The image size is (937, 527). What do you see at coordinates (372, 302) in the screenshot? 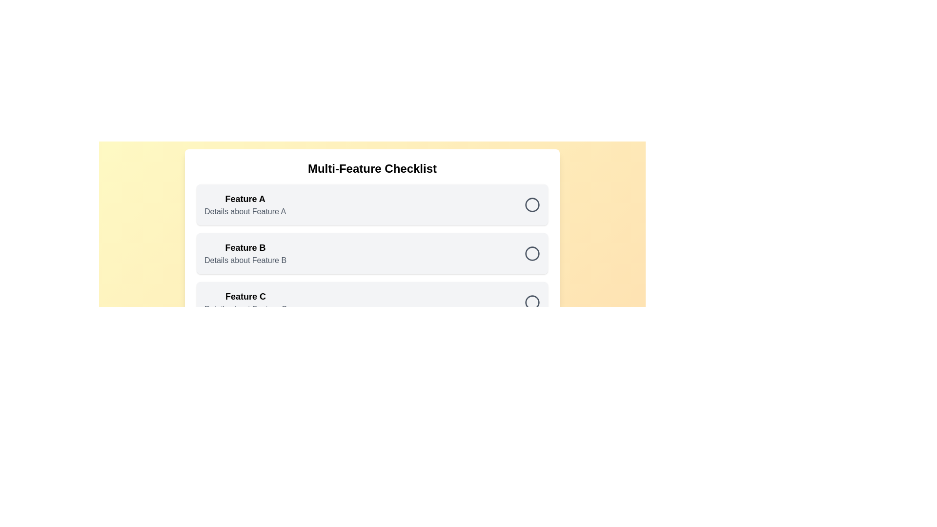
I see `the checklist item corresponding to Feature C` at bounding box center [372, 302].